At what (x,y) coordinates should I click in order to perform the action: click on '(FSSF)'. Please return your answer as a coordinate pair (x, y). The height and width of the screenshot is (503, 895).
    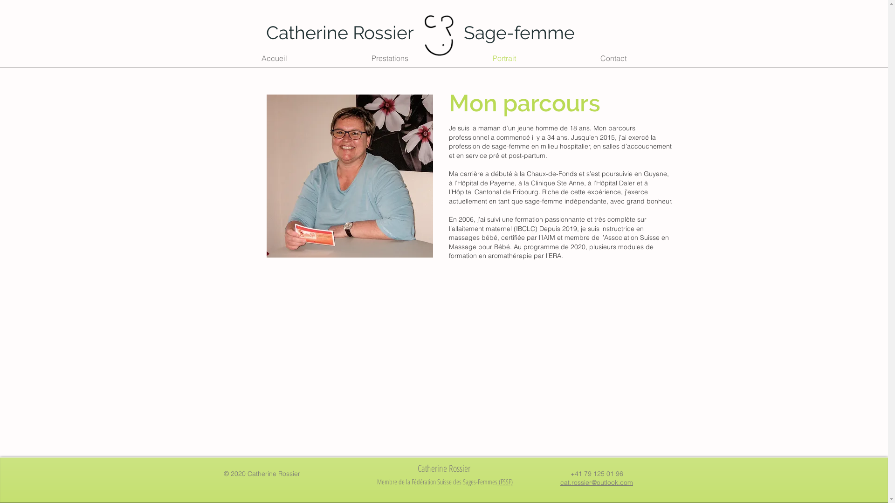
    Looking at the image, I should click on (504, 481).